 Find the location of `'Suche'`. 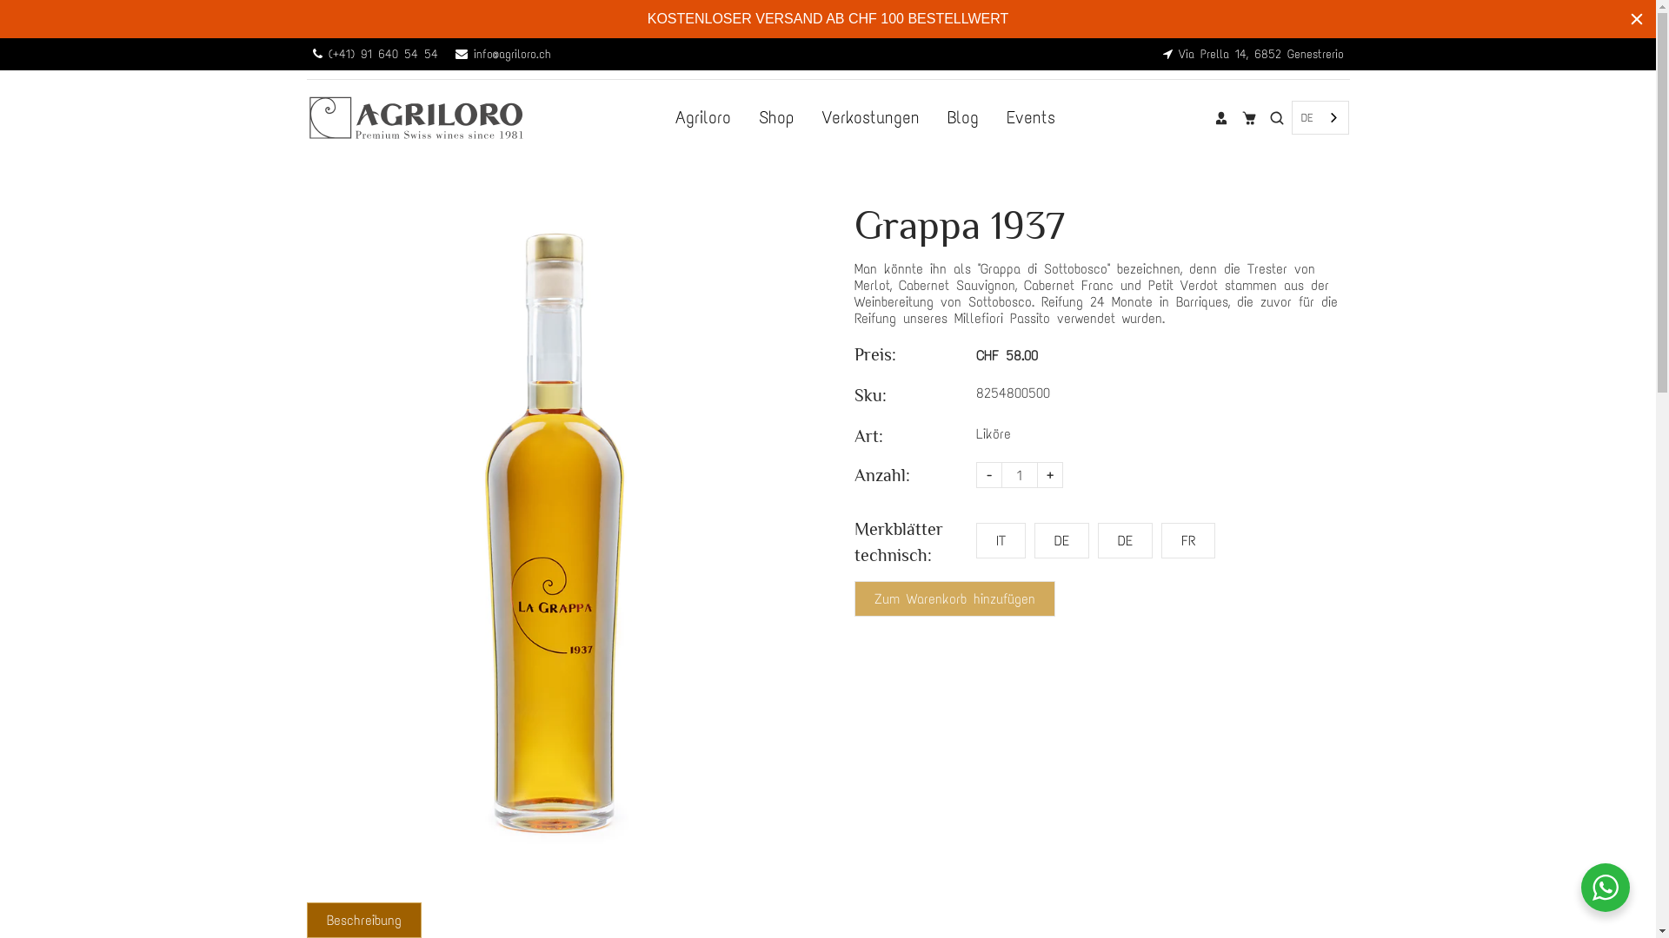

'Suche' is located at coordinates (1276, 117).